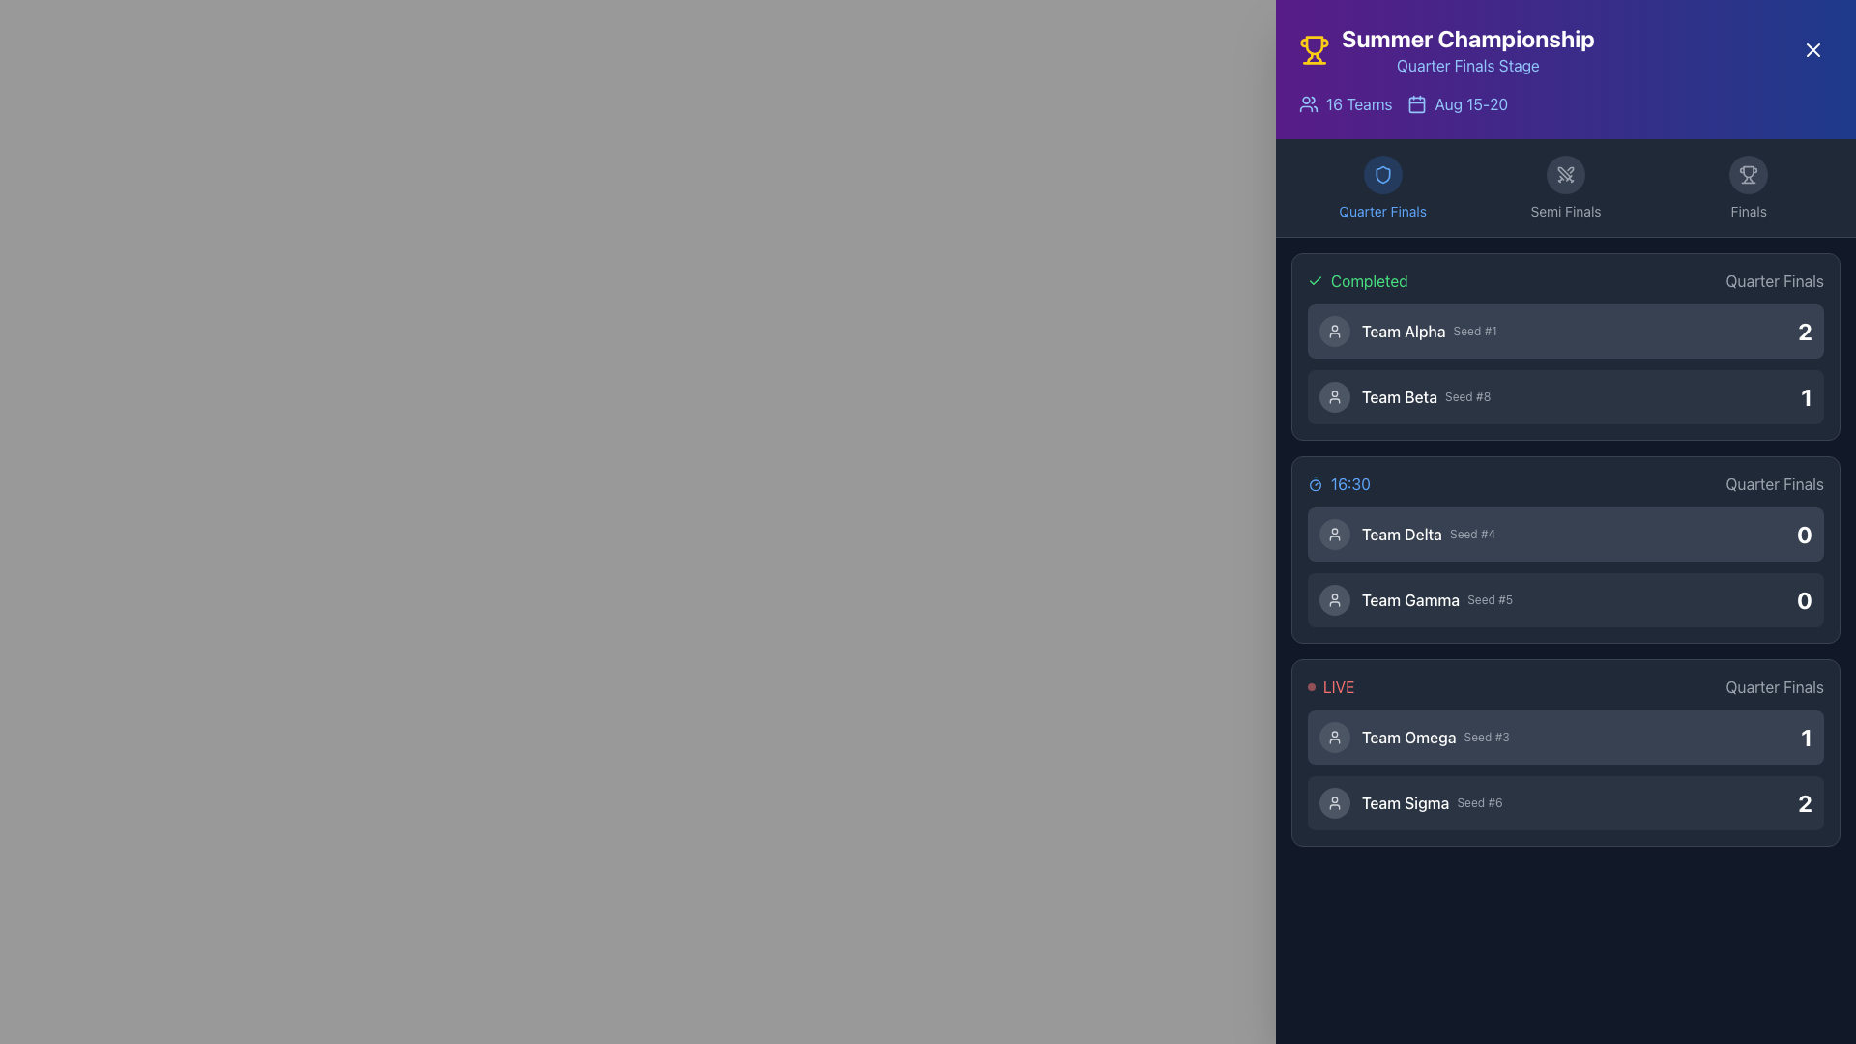  Describe the element at coordinates (1470, 104) in the screenshot. I see `the date range indicator text label located in the header section labeled 'Summer Championship' at the top right corner of the content panel` at that location.